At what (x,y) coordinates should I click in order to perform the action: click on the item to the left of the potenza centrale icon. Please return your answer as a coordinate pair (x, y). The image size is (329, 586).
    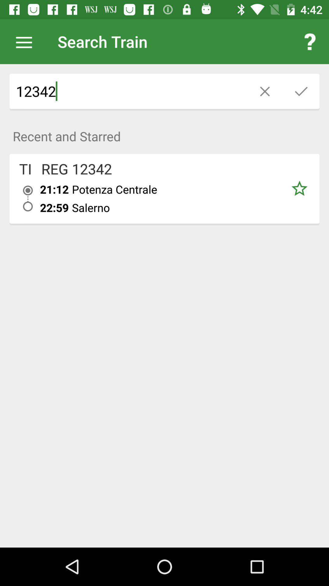
    Looking at the image, I should click on (54, 208).